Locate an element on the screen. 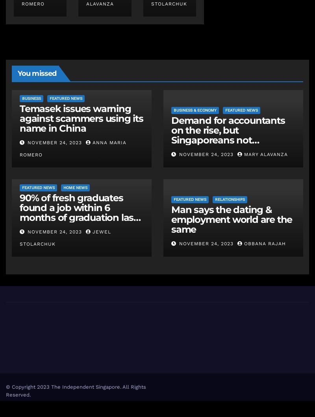 The image size is (315, 417). 'Anna Maria Romero' is located at coordinates (72, 149).